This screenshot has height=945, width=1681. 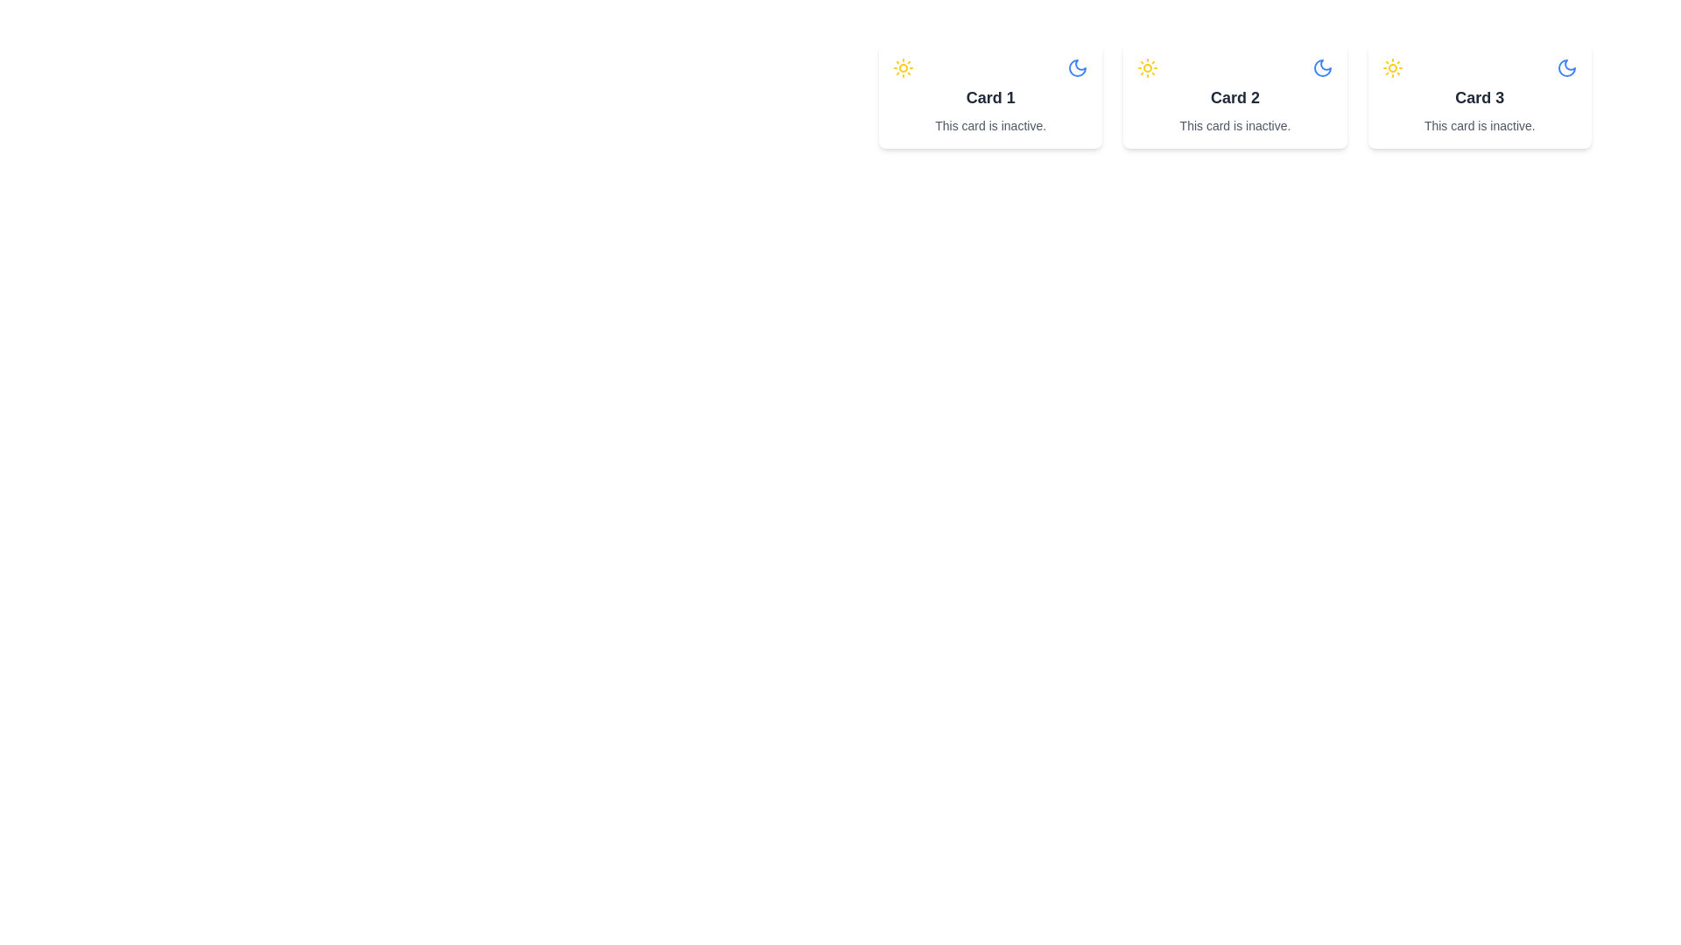 I want to click on label 'Card 3' which is displayed in bold, larger font as a primary title within the rightmost card of a group of three horizontally aligned cards, so click(x=1479, y=97).